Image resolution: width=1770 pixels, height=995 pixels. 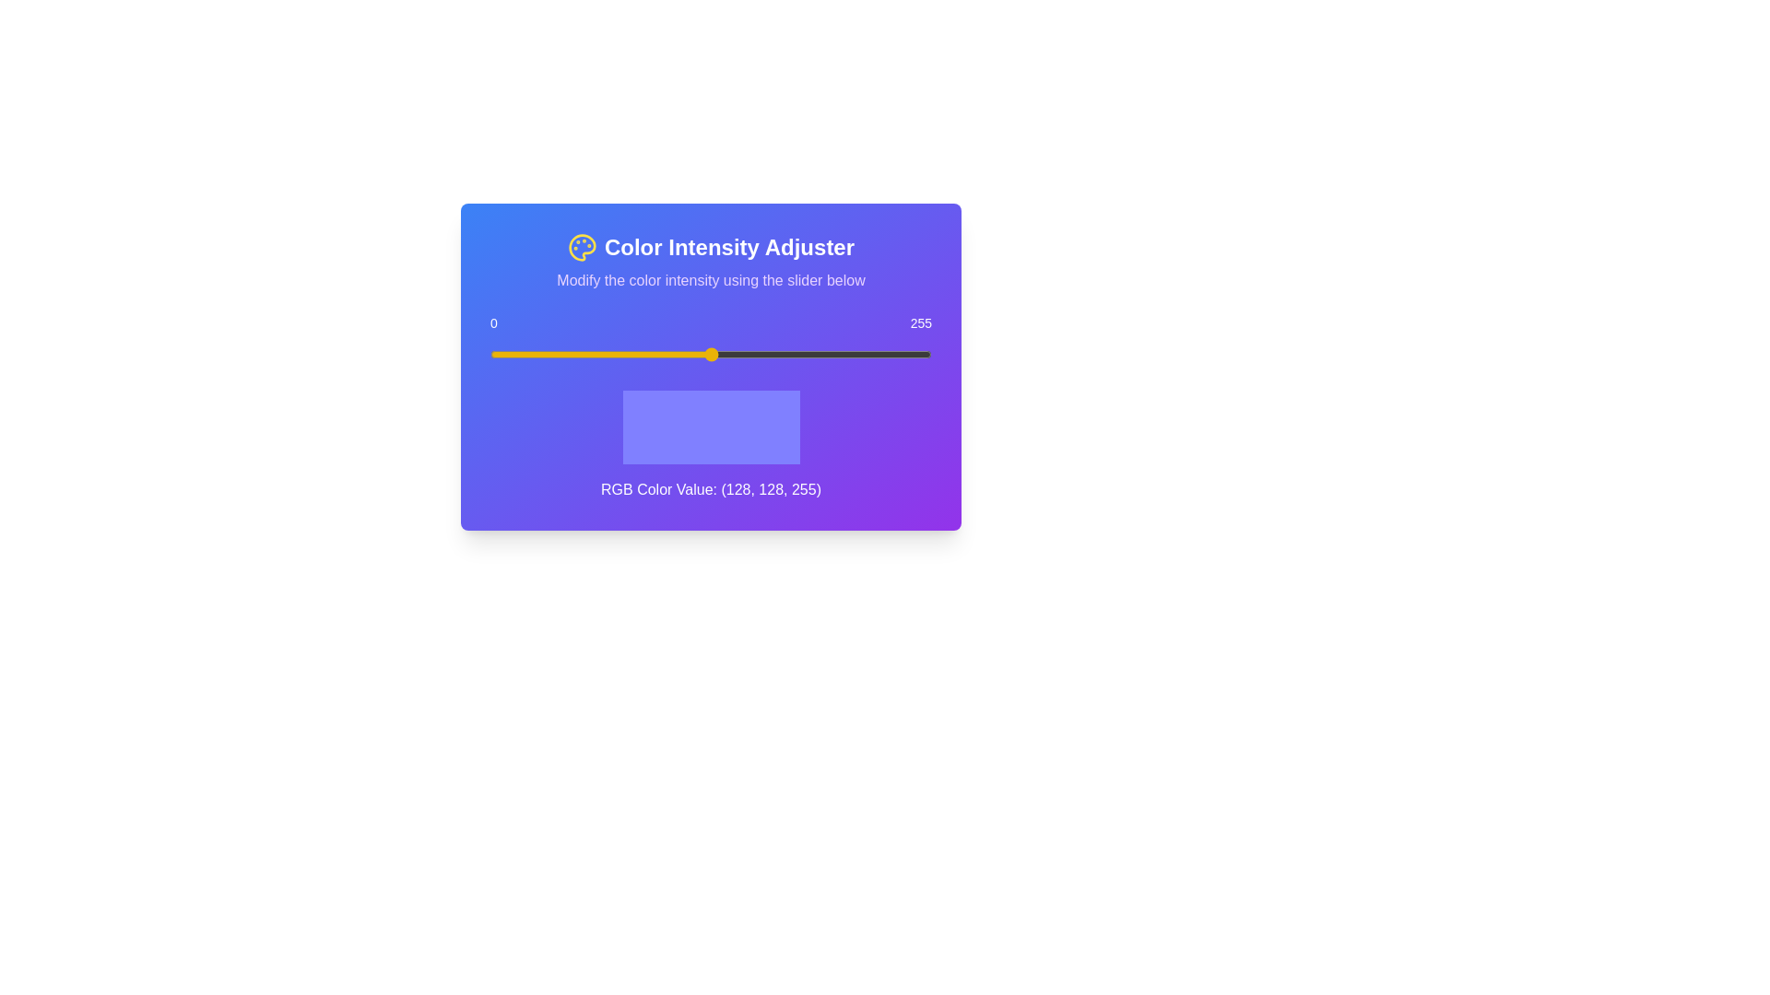 What do you see at coordinates (928, 355) in the screenshot?
I see `the slider to set the value to 253` at bounding box center [928, 355].